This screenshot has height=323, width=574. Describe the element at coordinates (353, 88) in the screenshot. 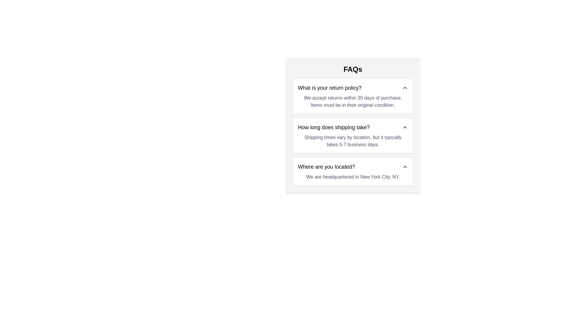

I see `the Collapsible Header that contains the text 'What is your return policy?' with a downward-pointing chevron icon` at that location.